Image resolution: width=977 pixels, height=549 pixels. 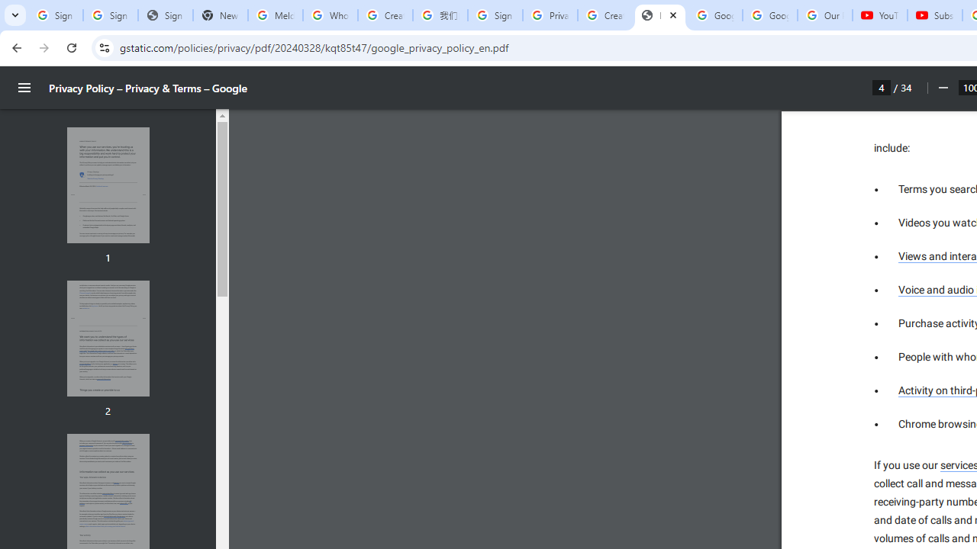 I want to click on 'Search tabs', so click(x=15, y=15).